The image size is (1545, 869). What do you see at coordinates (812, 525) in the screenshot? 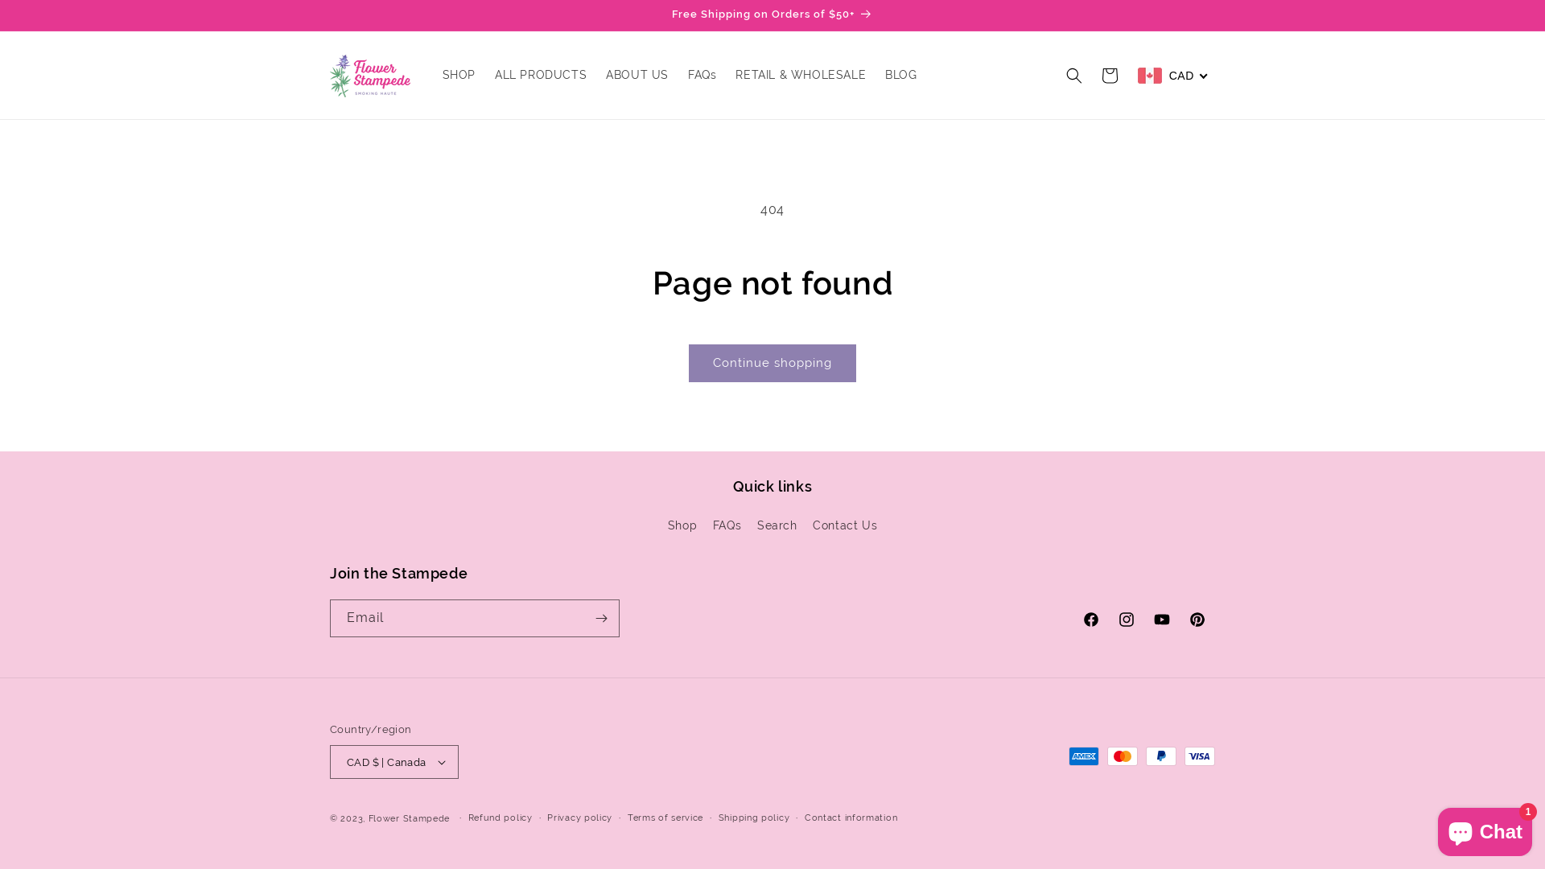
I see `'Contact Us'` at bounding box center [812, 525].